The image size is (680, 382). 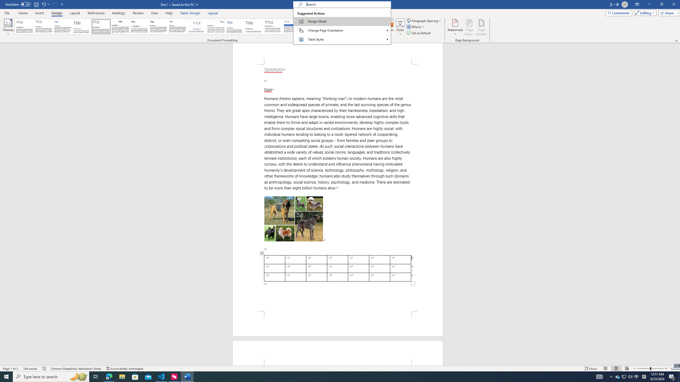 What do you see at coordinates (470, 27) in the screenshot?
I see `'Page Color'` at bounding box center [470, 27].